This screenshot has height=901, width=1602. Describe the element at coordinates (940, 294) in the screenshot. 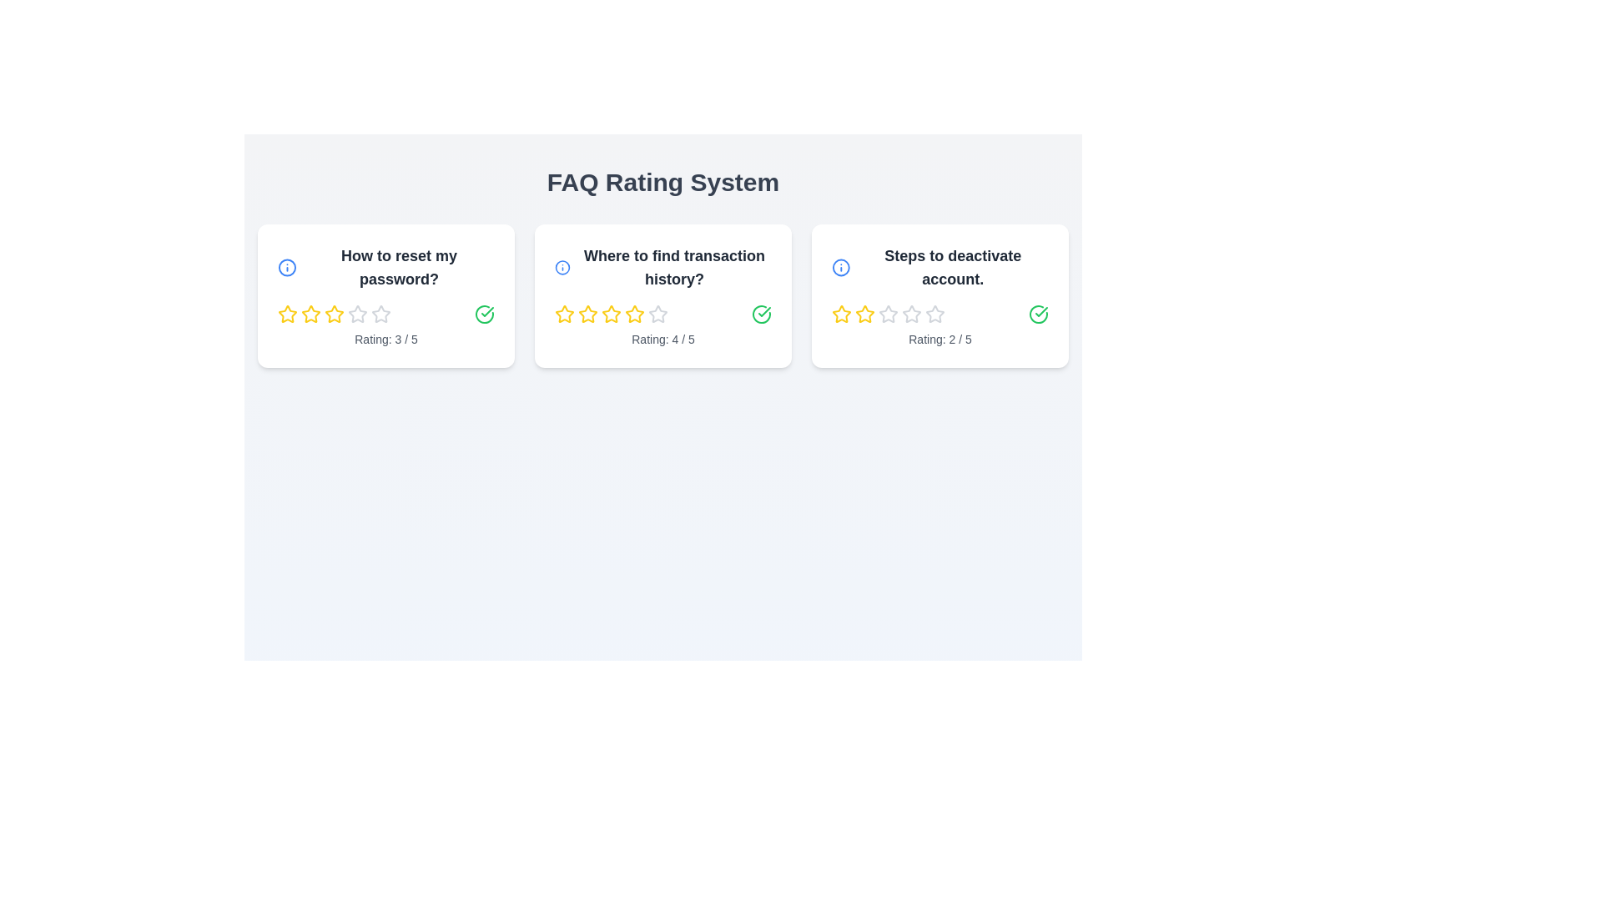

I see `the FAQ card with the question 'Steps to deactivate account.'` at that location.